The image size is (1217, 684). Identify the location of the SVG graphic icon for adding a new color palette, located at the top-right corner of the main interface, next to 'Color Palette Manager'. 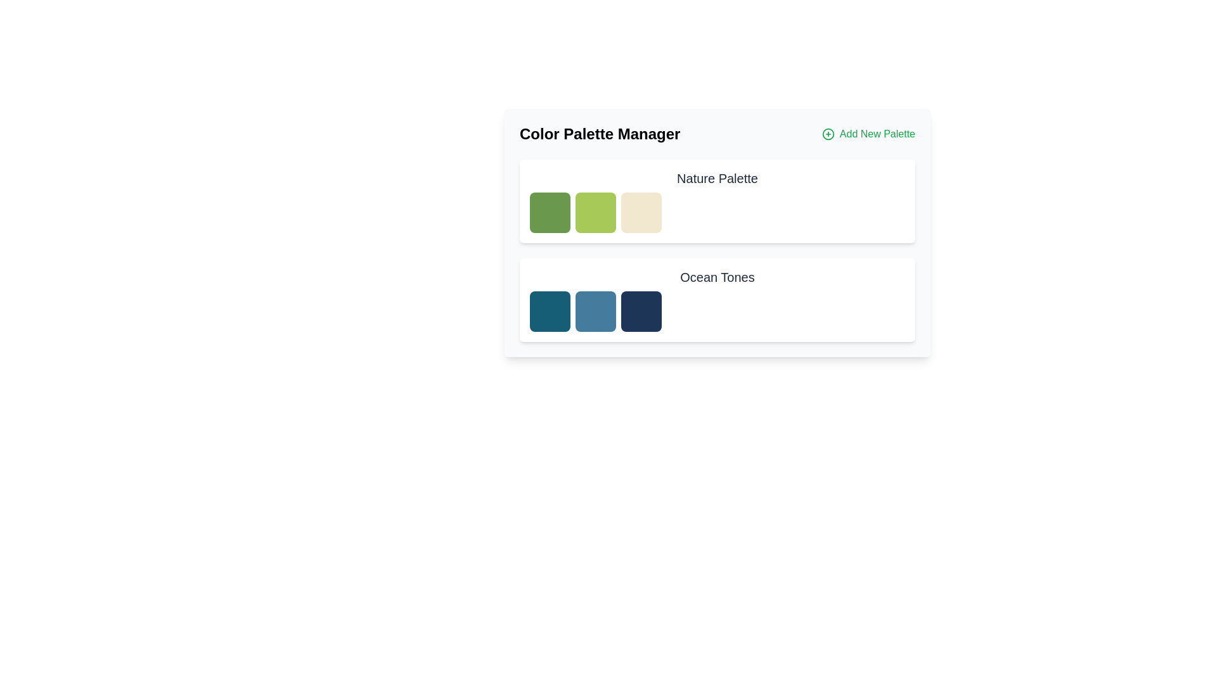
(828, 134).